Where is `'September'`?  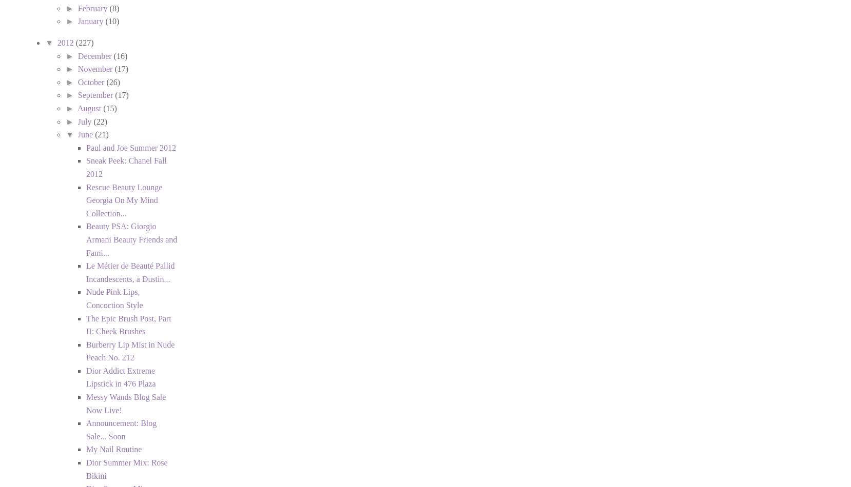 'September' is located at coordinates (96, 95).